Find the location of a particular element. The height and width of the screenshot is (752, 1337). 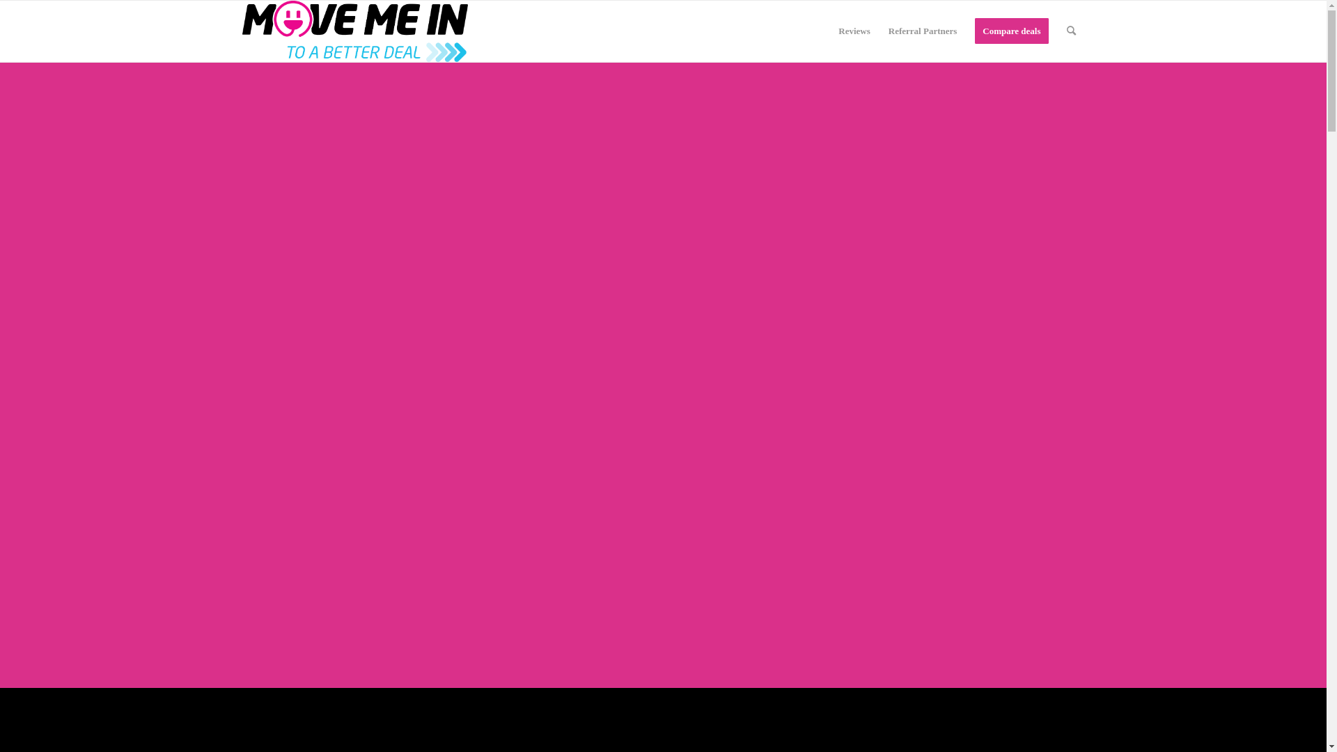

'Compare deals' is located at coordinates (965, 31).